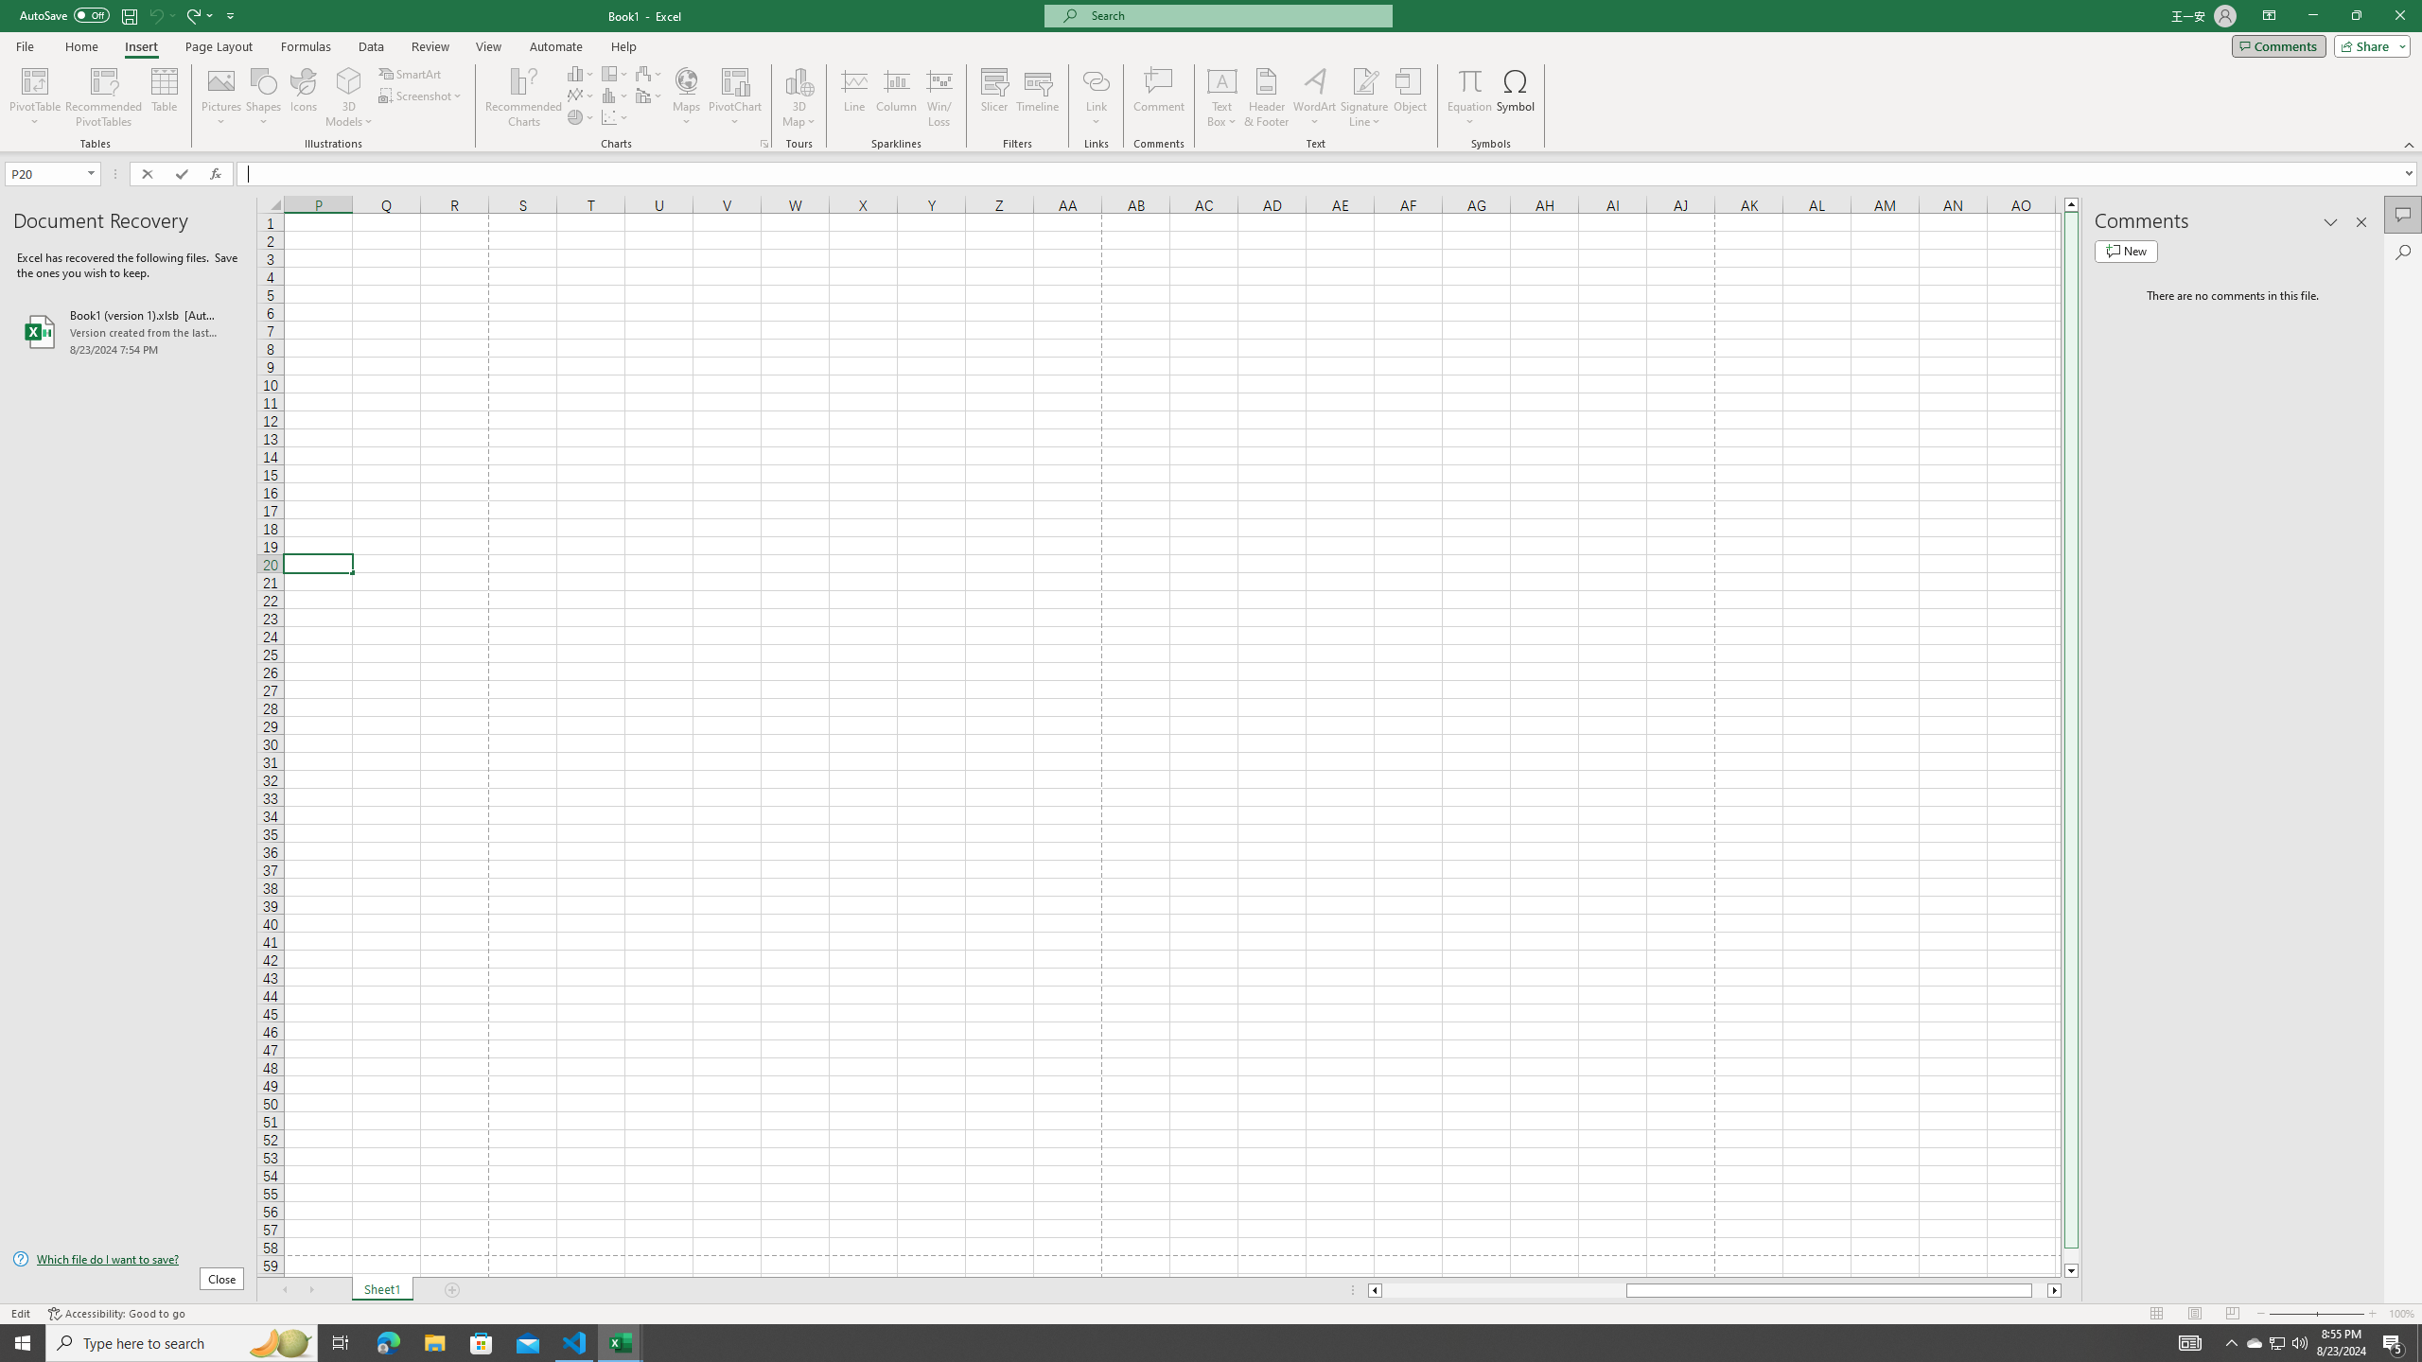  What do you see at coordinates (648, 94) in the screenshot?
I see `'Insert Combo Chart'` at bounding box center [648, 94].